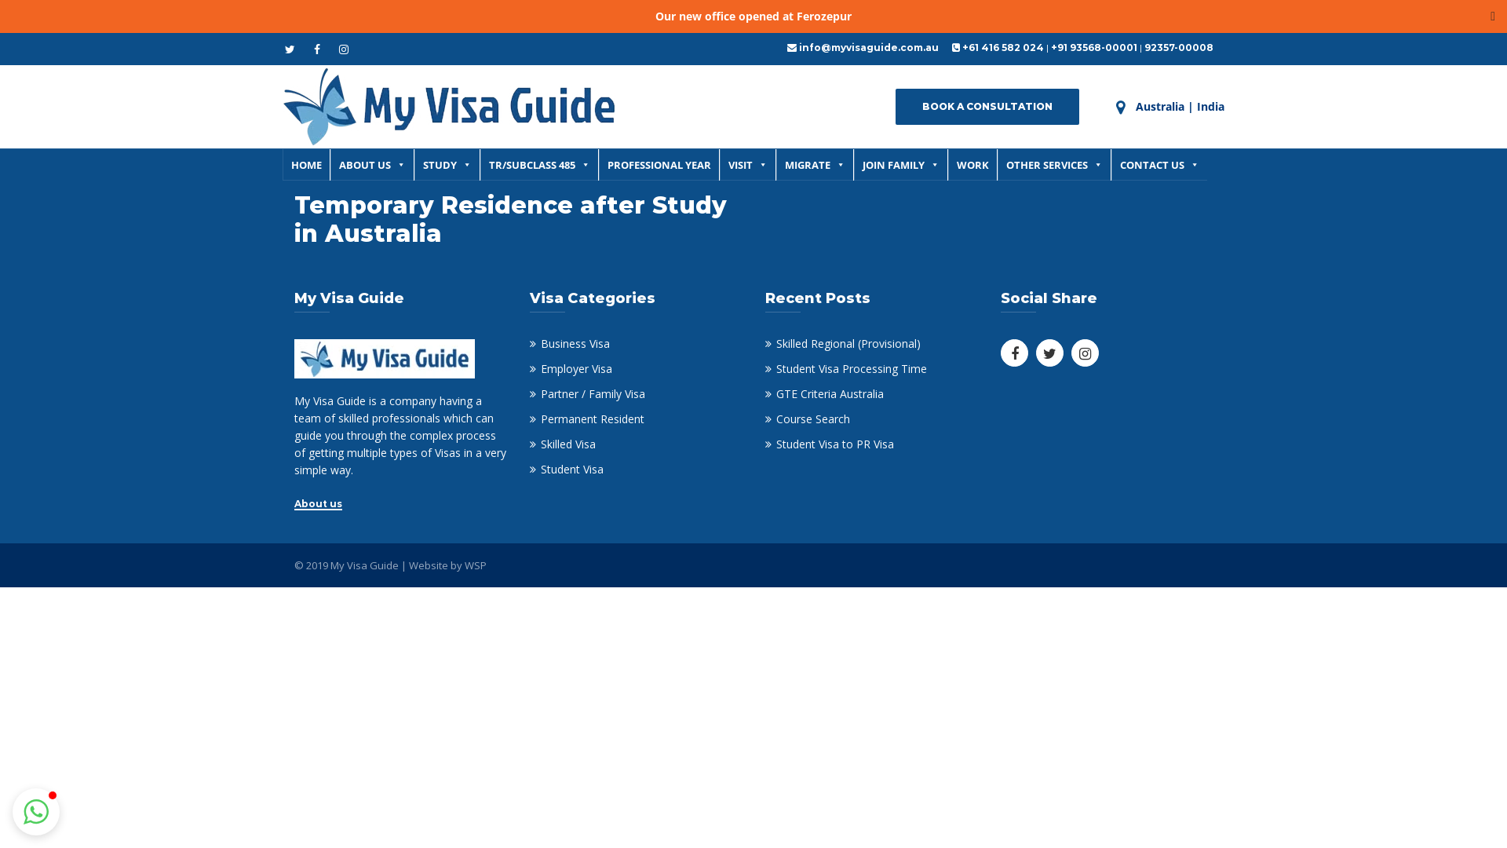  Describe the element at coordinates (1054, 164) in the screenshot. I see `'OTHER SERVICES'` at that location.